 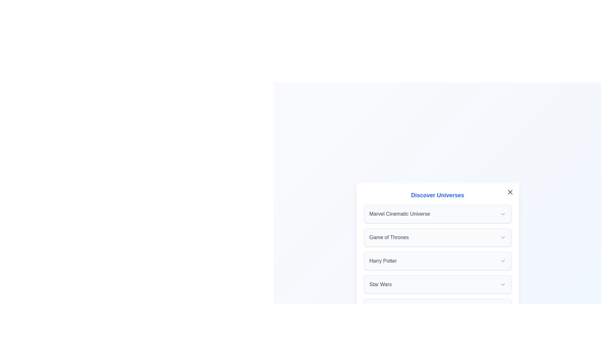 I want to click on the close button to close the dialog, so click(x=510, y=192).